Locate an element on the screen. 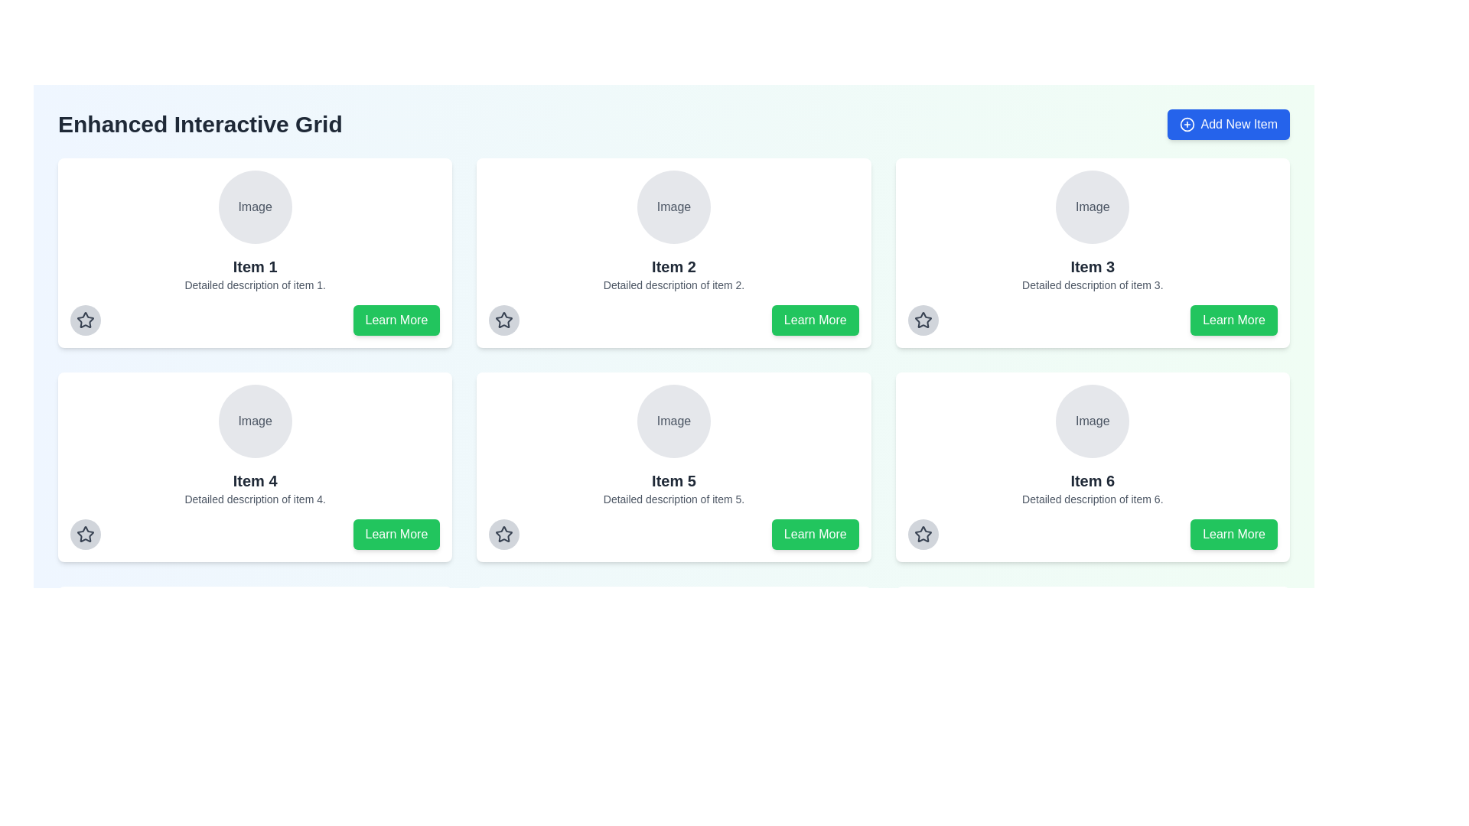  the card displaying 'Item 5' in the second row and middle column of the grid is located at coordinates (673, 466).